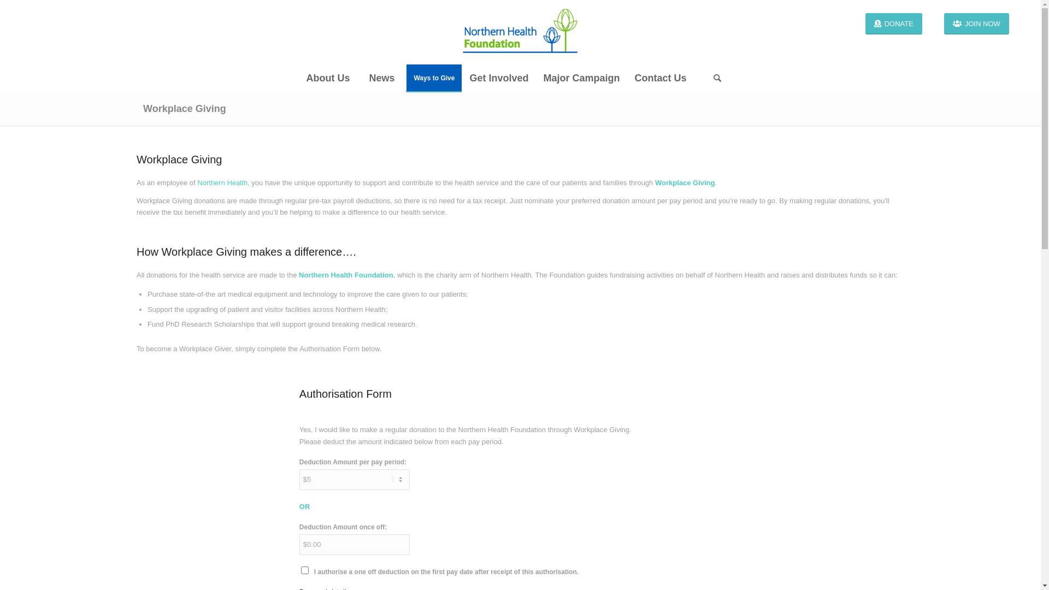 The image size is (1049, 590). What do you see at coordinates (461, 77) in the screenshot?
I see `'Get Involved'` at bounding box center [461, 77].